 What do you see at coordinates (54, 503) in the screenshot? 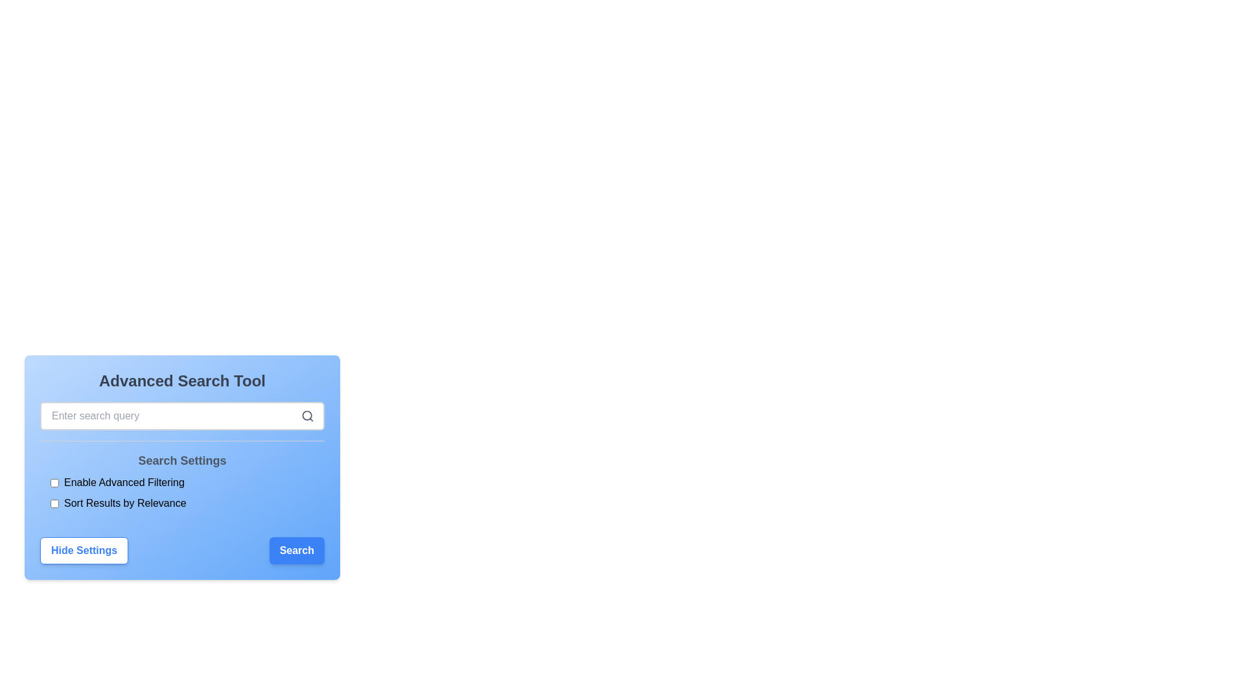
I see `keyboard navigation` at bounding box center [54, 503].